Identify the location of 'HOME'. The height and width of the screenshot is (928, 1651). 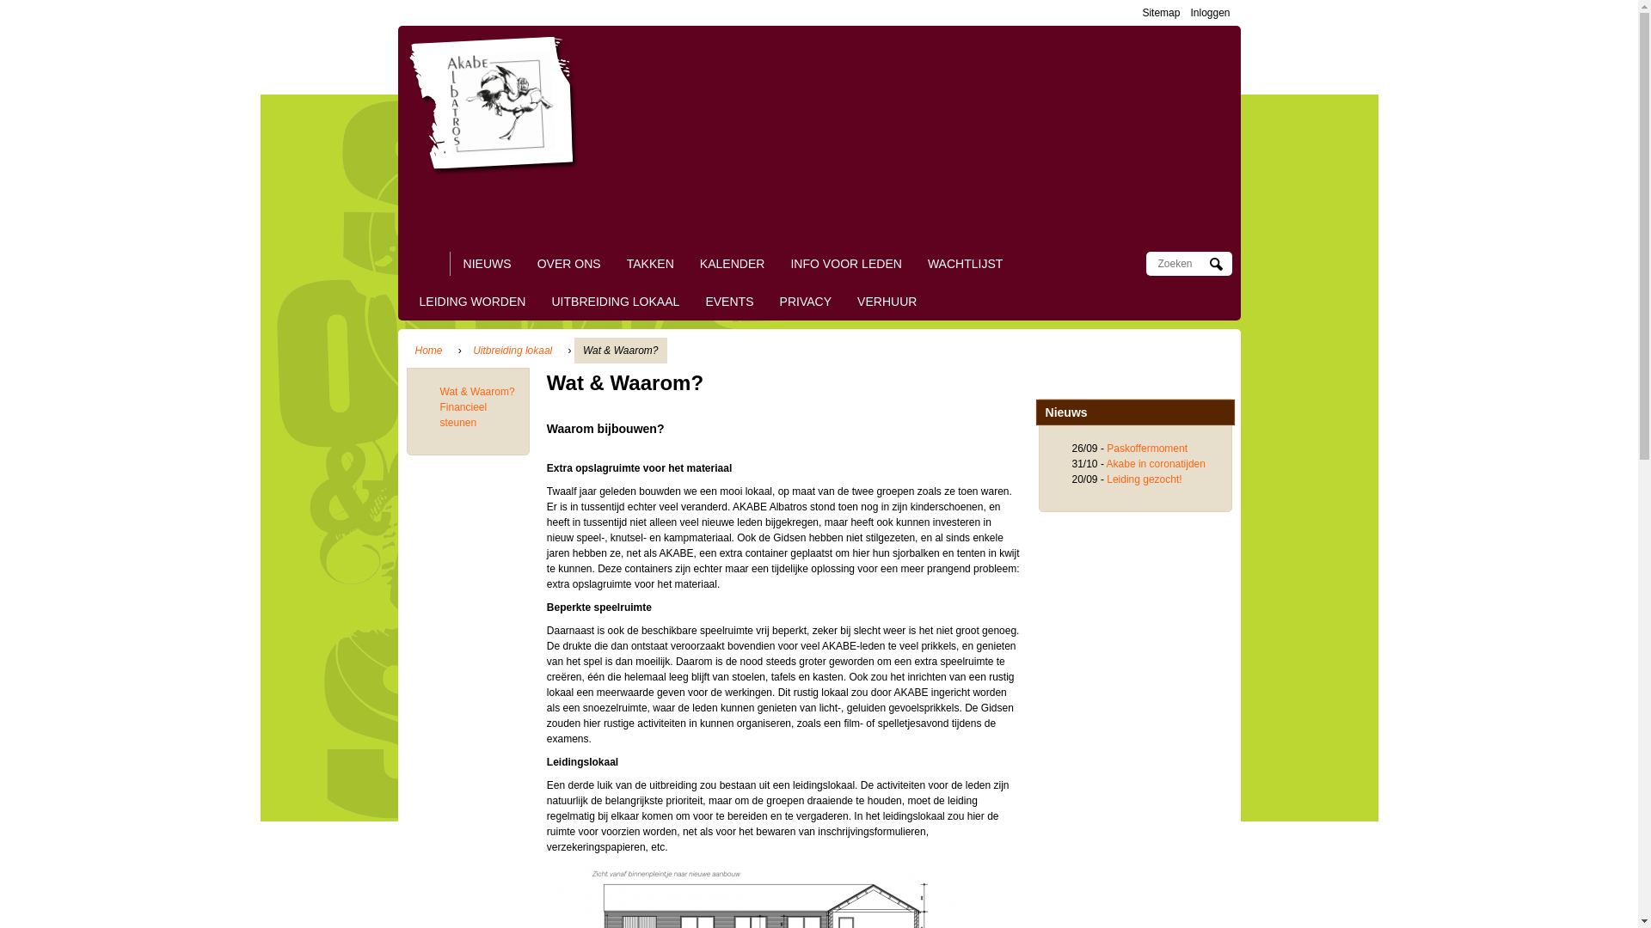
(428, 264).